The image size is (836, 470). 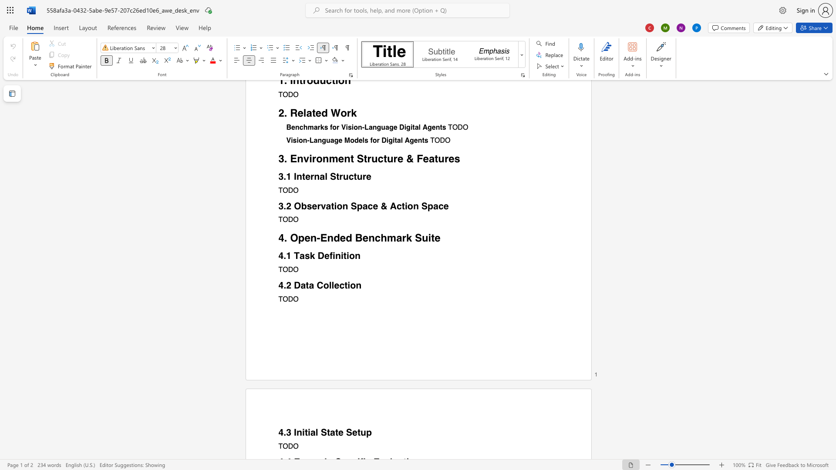 I want to click on the subset text "ct" within the text "Data Collection", so click(x=339, y=285).